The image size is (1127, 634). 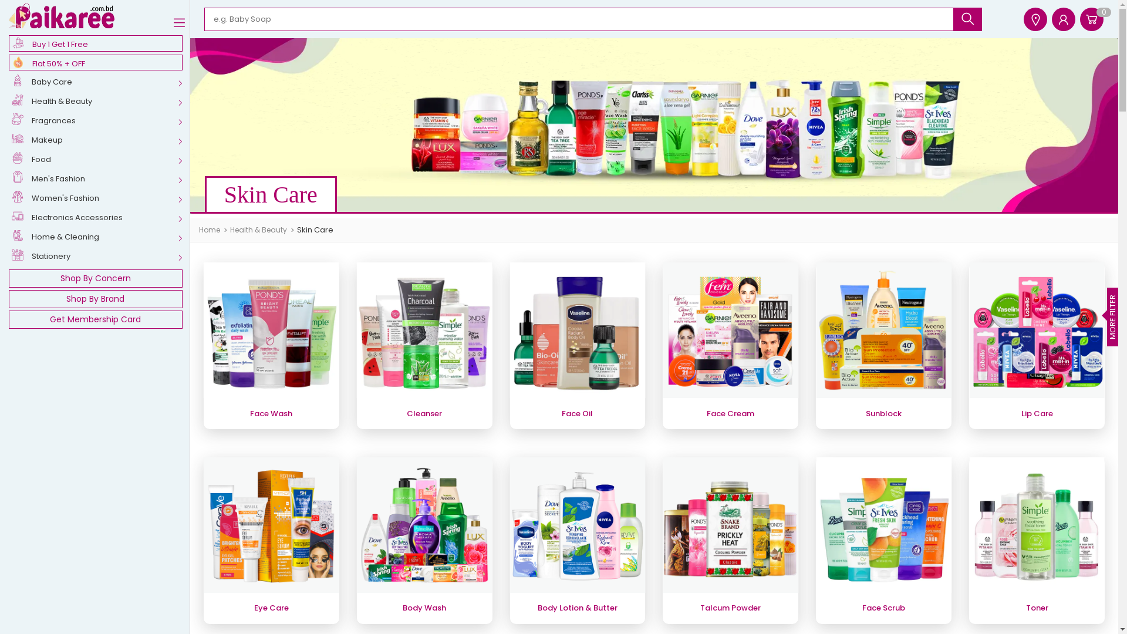 What do you see at coordinates (213, 230) in the screenshot?
I see `'Home'` at bounding box center [213, 230].